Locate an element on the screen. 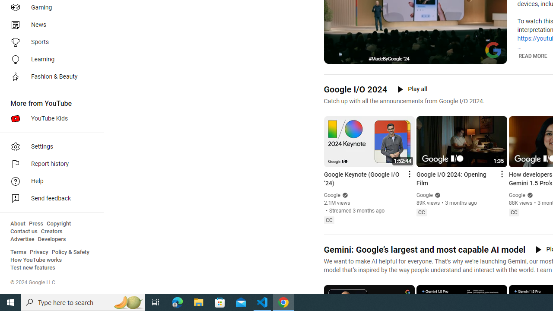 This screenshot has width=553, height=311. 'How YouTube works' is located at coordinates (35, 260).